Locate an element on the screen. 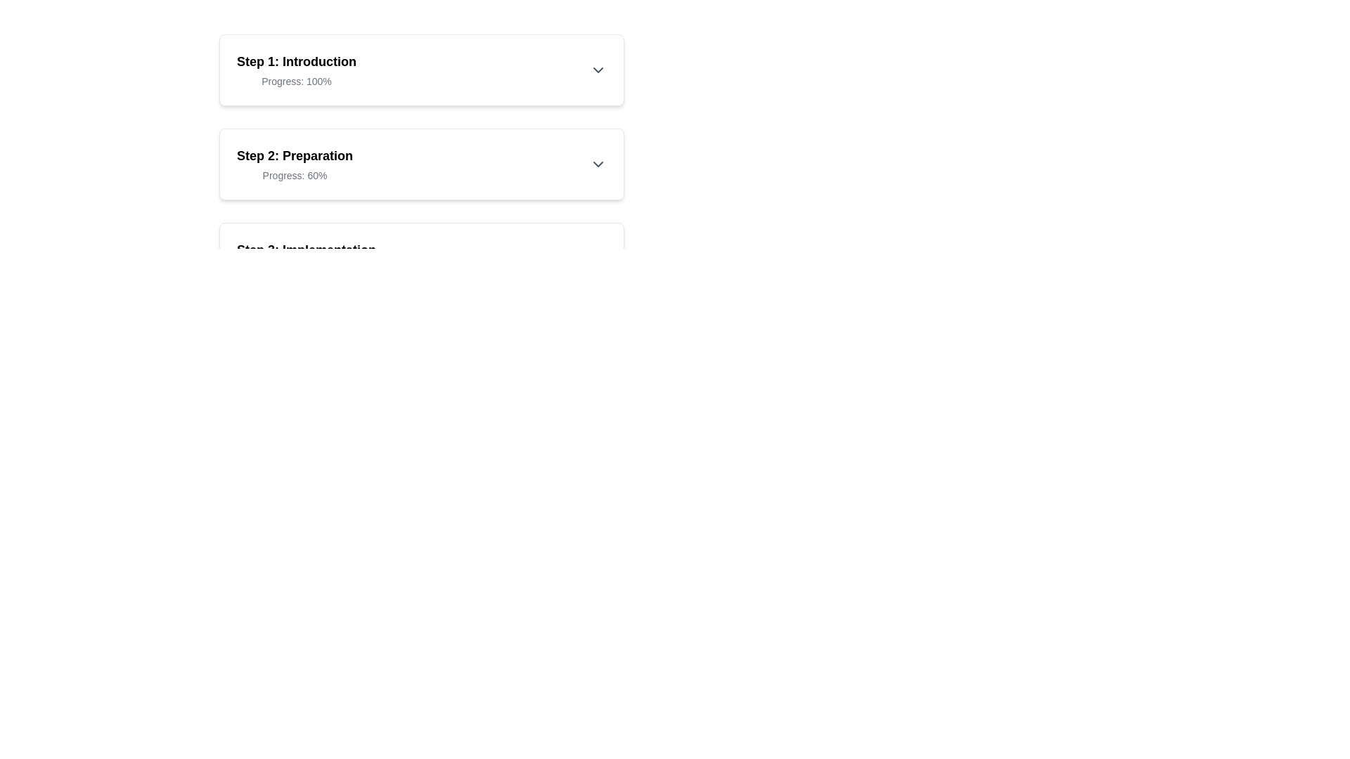  text content of the second step in the process sequence, which is displayed centrally beneath 'Step 1: Introduction' is located at coordinates (294, 164).